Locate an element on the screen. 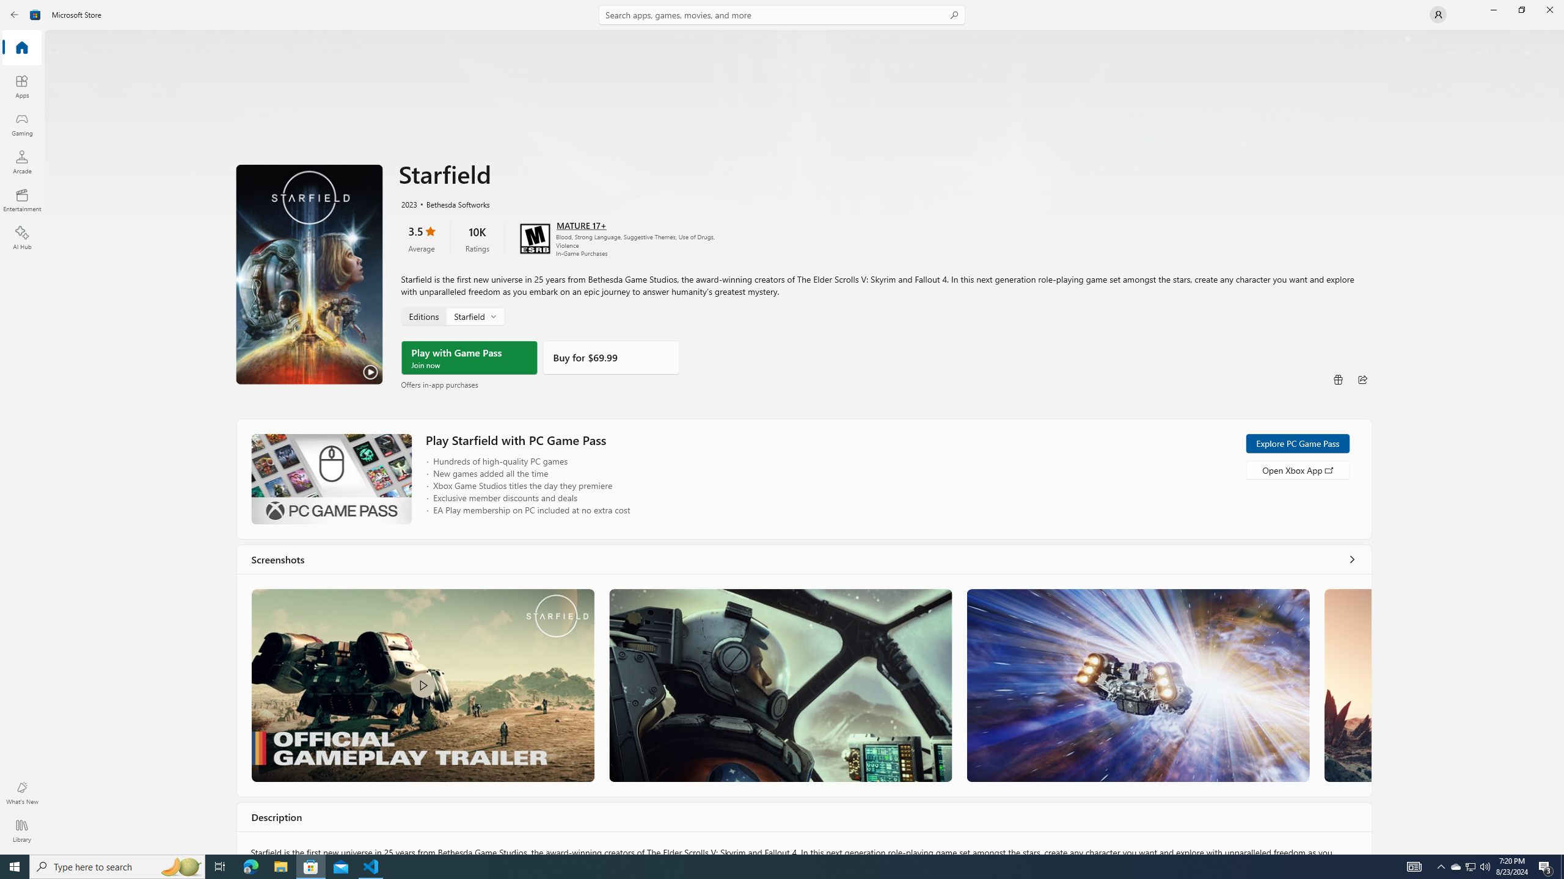  'Arcade' is located at coordinates (21, 161).